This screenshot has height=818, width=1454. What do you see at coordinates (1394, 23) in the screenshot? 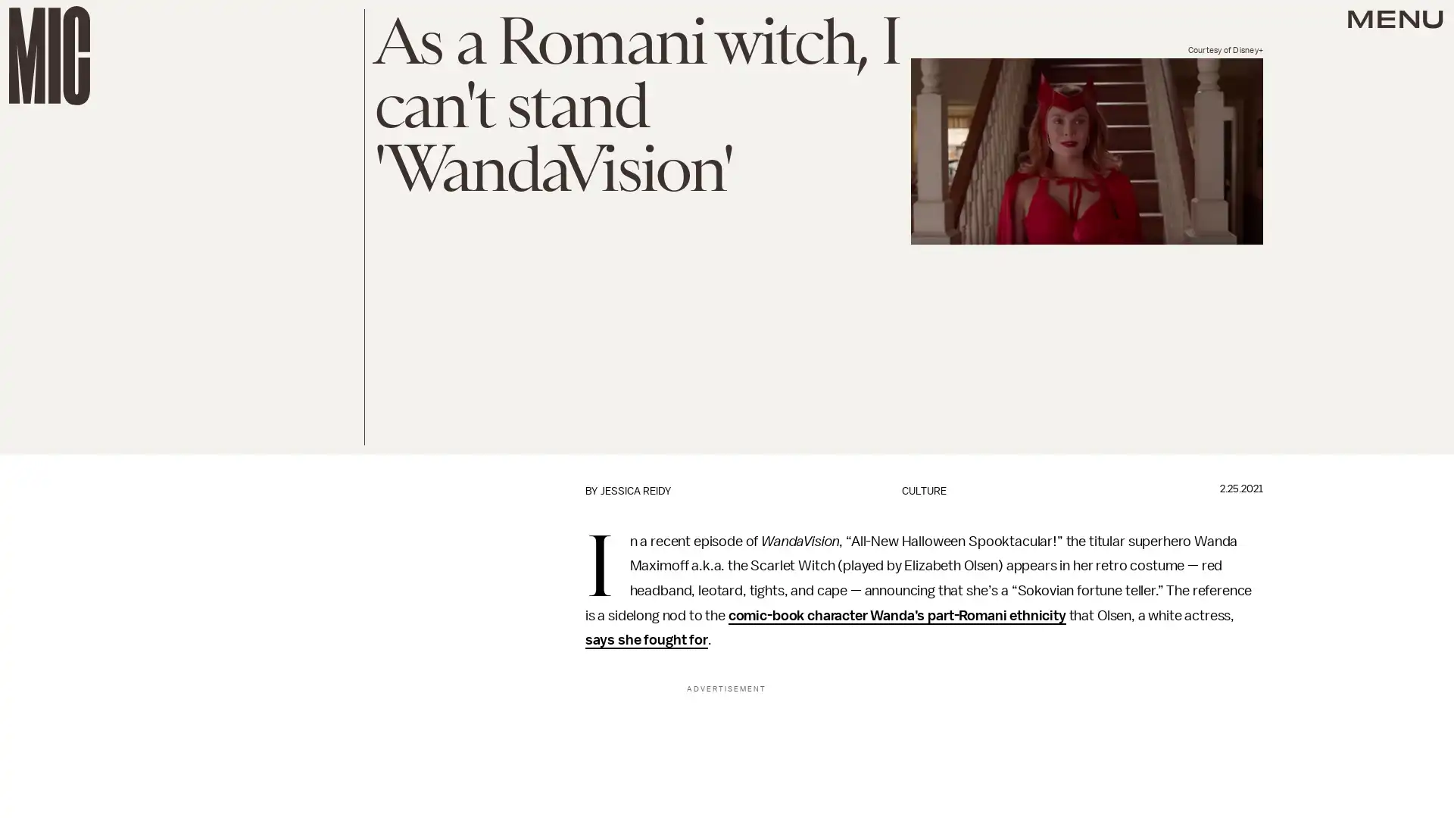
I see `menu` at bounding box center [1394, 23].